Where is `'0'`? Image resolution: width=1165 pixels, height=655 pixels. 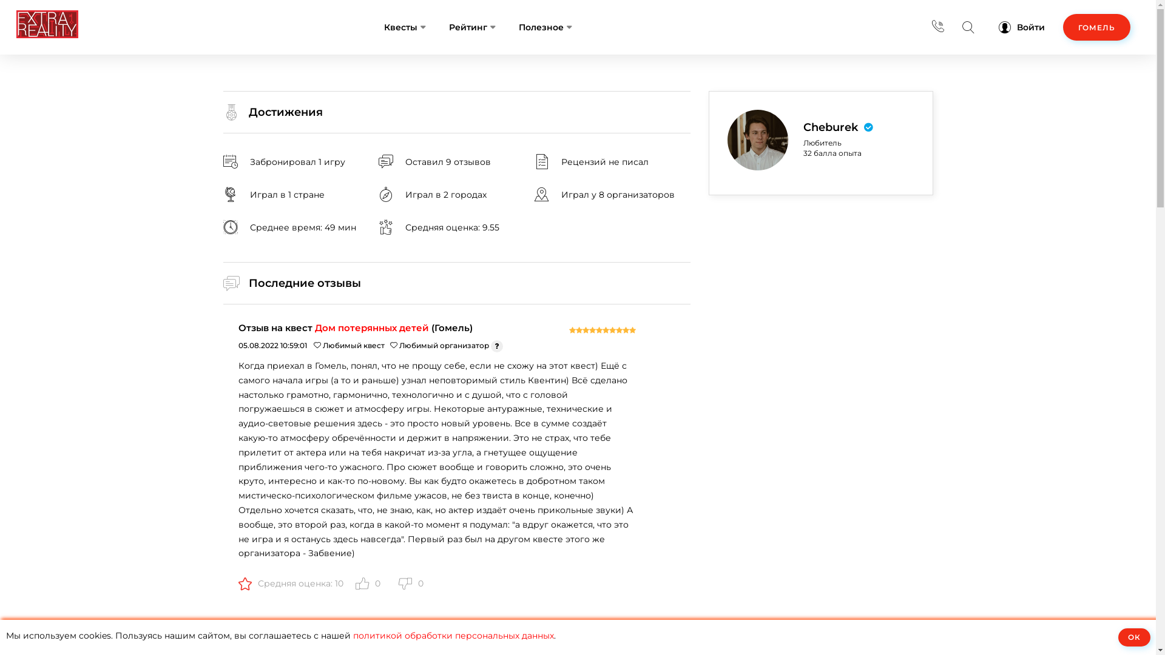
'0' is located at coordinates (367, 582).